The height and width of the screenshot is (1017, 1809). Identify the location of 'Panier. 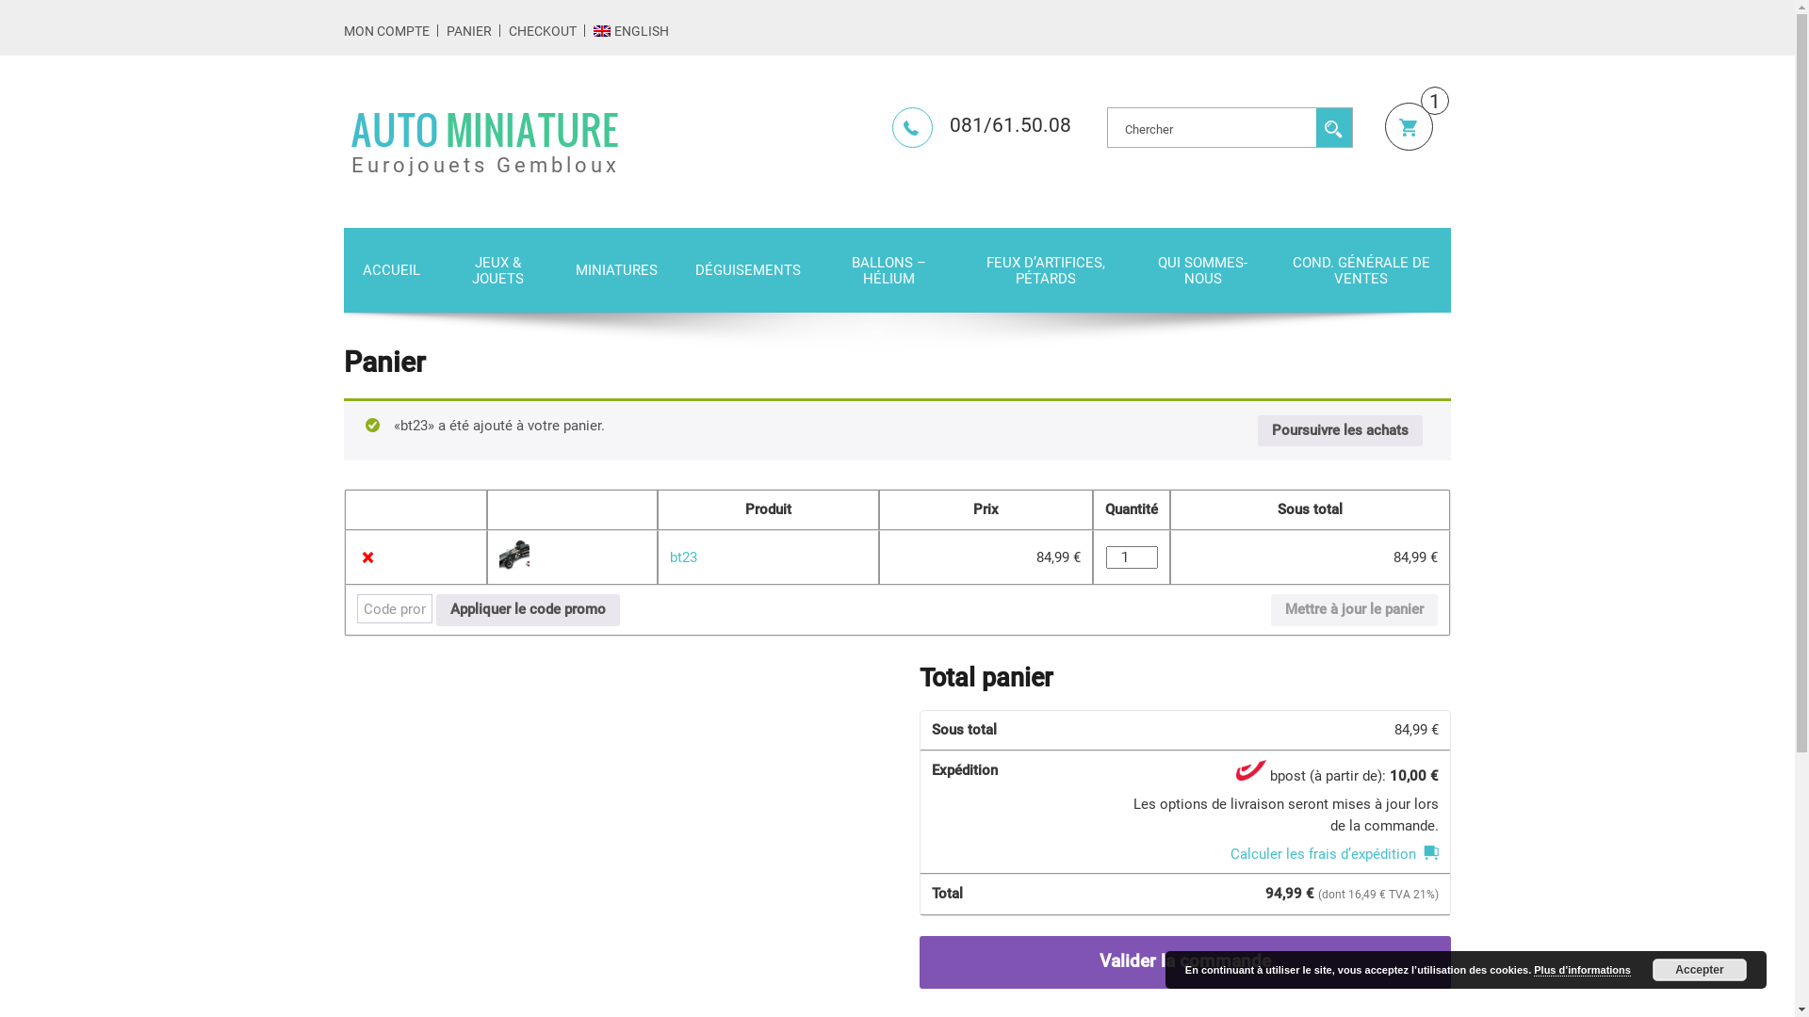
(1384, 126).